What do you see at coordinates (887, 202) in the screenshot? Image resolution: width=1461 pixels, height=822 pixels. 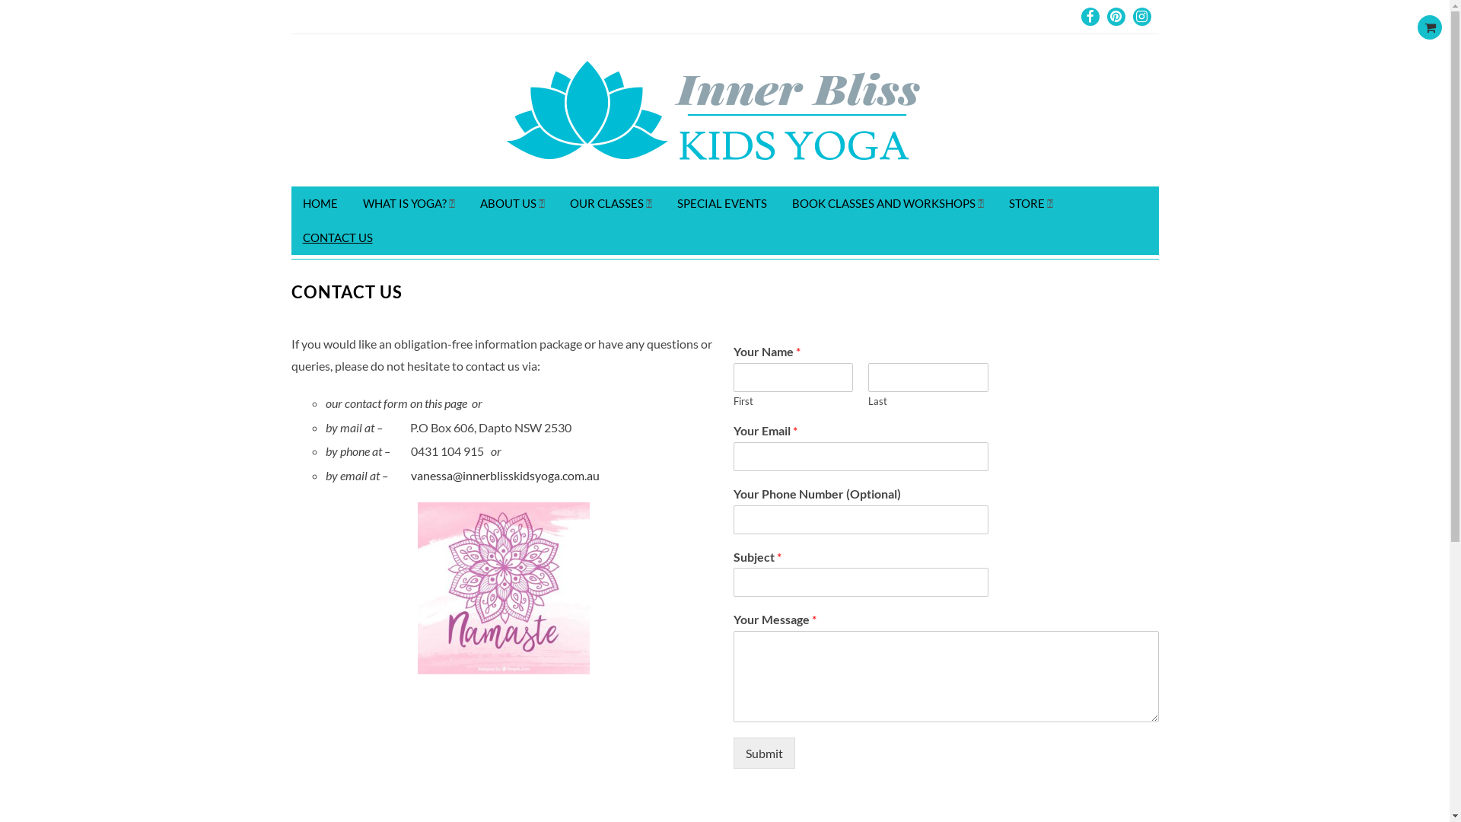 I see `'BOOK CLASSES AND WORKSHOPS'` at bounding box center [887, 202].